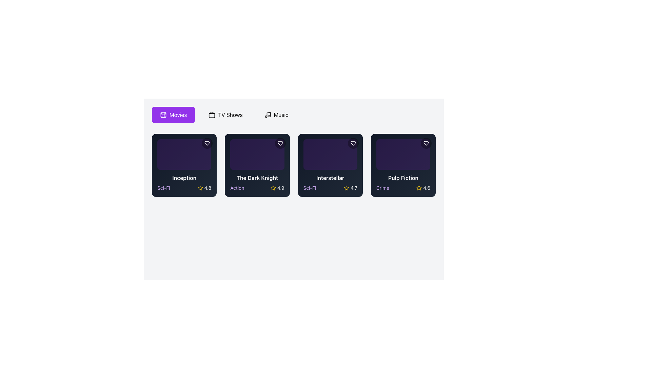 The height and width of the screenshot is (366, 651). Describe the element at coordinates (353, 143) in the screenshot. I see `the heart-shaped icon with a hollow outline and white stroke located at the top-right corner of the movie card labeled 'Interstellar' to like or favorite the card` at that location.